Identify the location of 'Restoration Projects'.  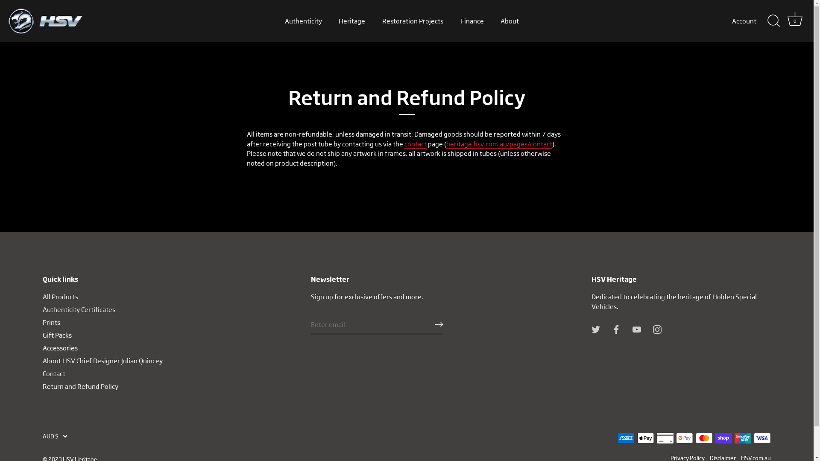
(413, 20).